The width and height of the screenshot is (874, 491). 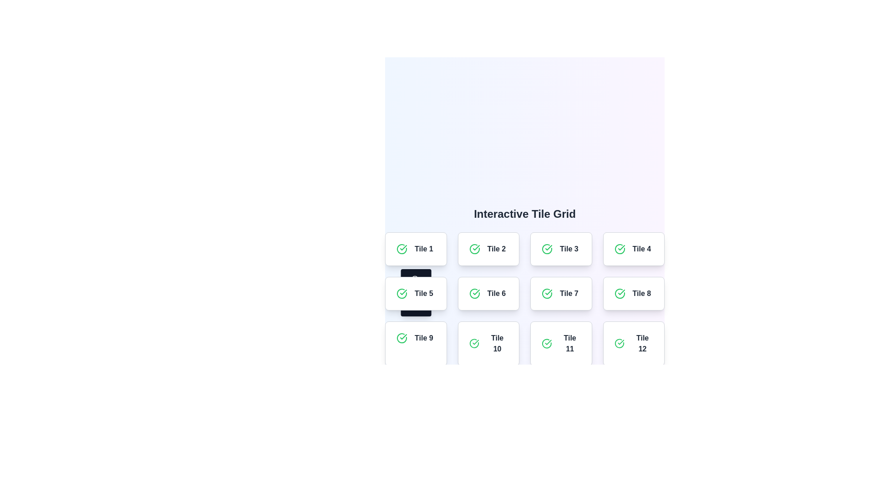 What do you see at coordinates (496, 293) in the screenshot?
I see `text label located in the second row of the grid, specifically the second item after 'Tile 5' and before 'Tile 7'` at bounding box center [496, 293].